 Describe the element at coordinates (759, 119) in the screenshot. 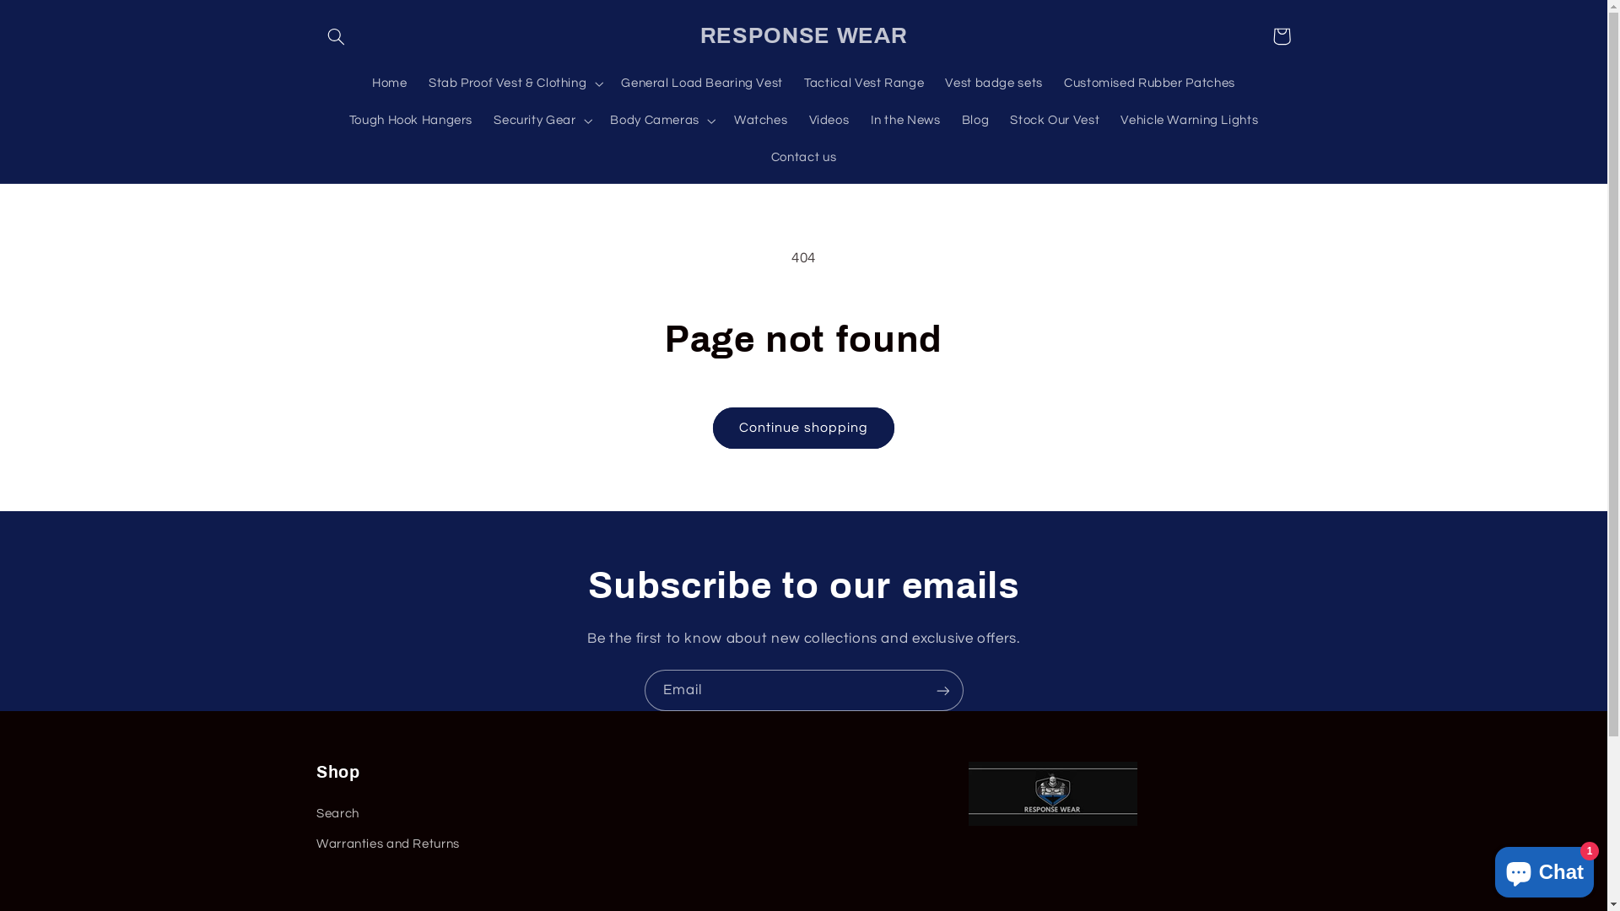

I see `'Watches'` at that location.